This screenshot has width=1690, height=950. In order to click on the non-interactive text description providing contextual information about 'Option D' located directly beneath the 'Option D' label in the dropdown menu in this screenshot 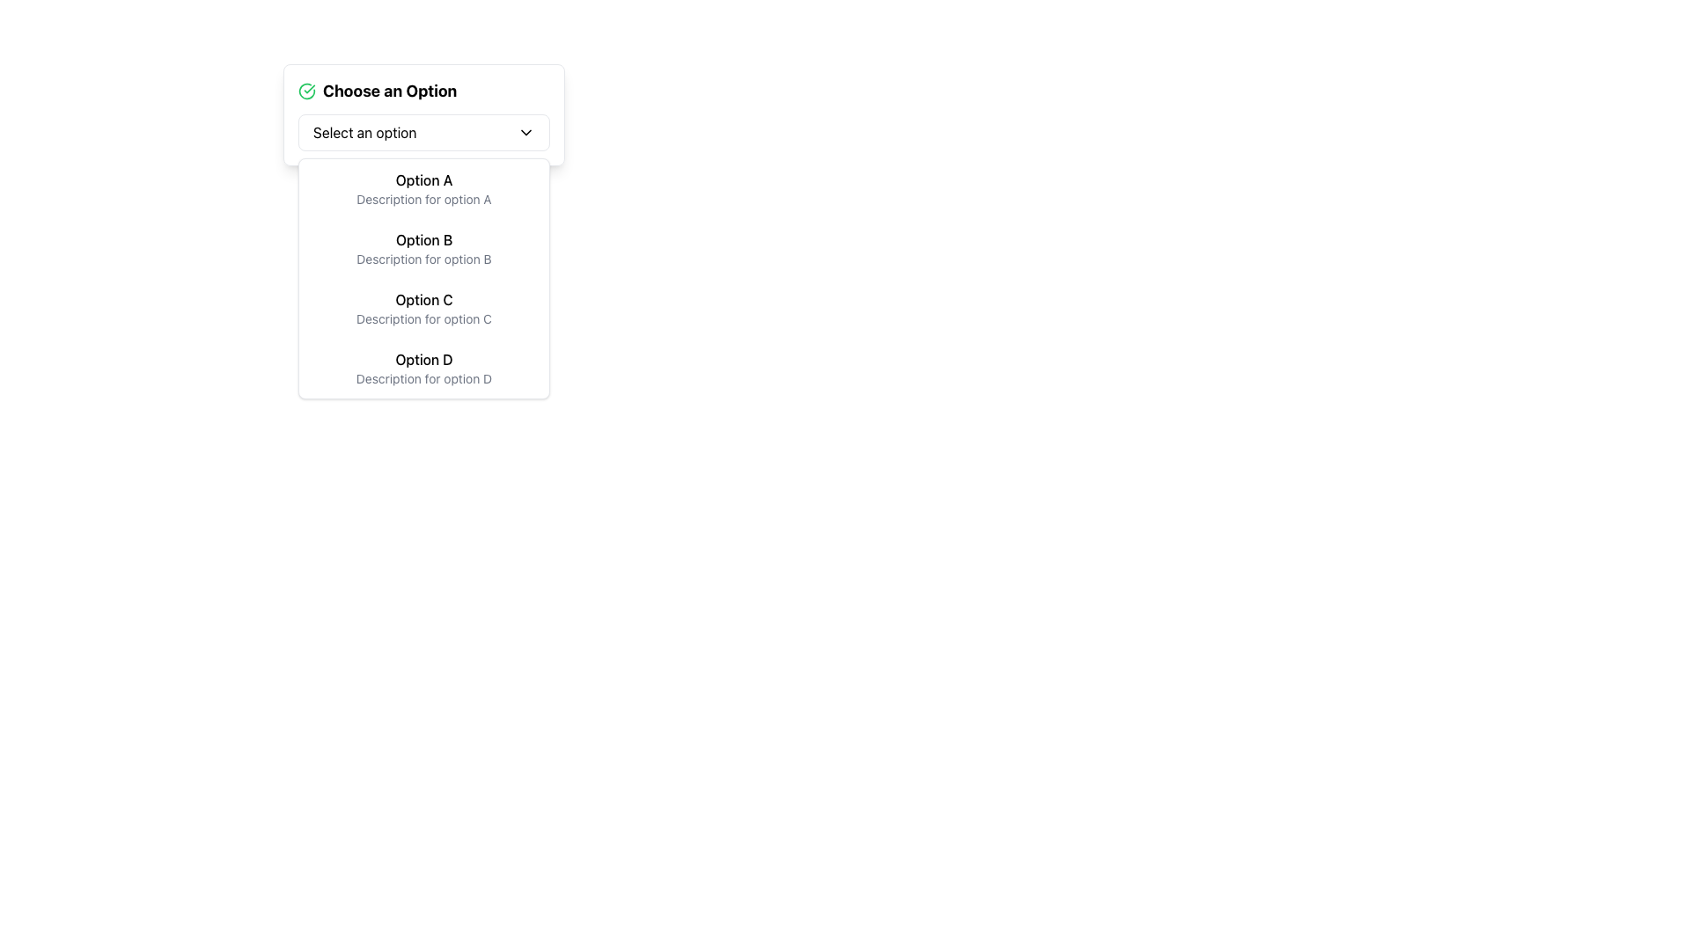, I will do `click(423, 378)`.